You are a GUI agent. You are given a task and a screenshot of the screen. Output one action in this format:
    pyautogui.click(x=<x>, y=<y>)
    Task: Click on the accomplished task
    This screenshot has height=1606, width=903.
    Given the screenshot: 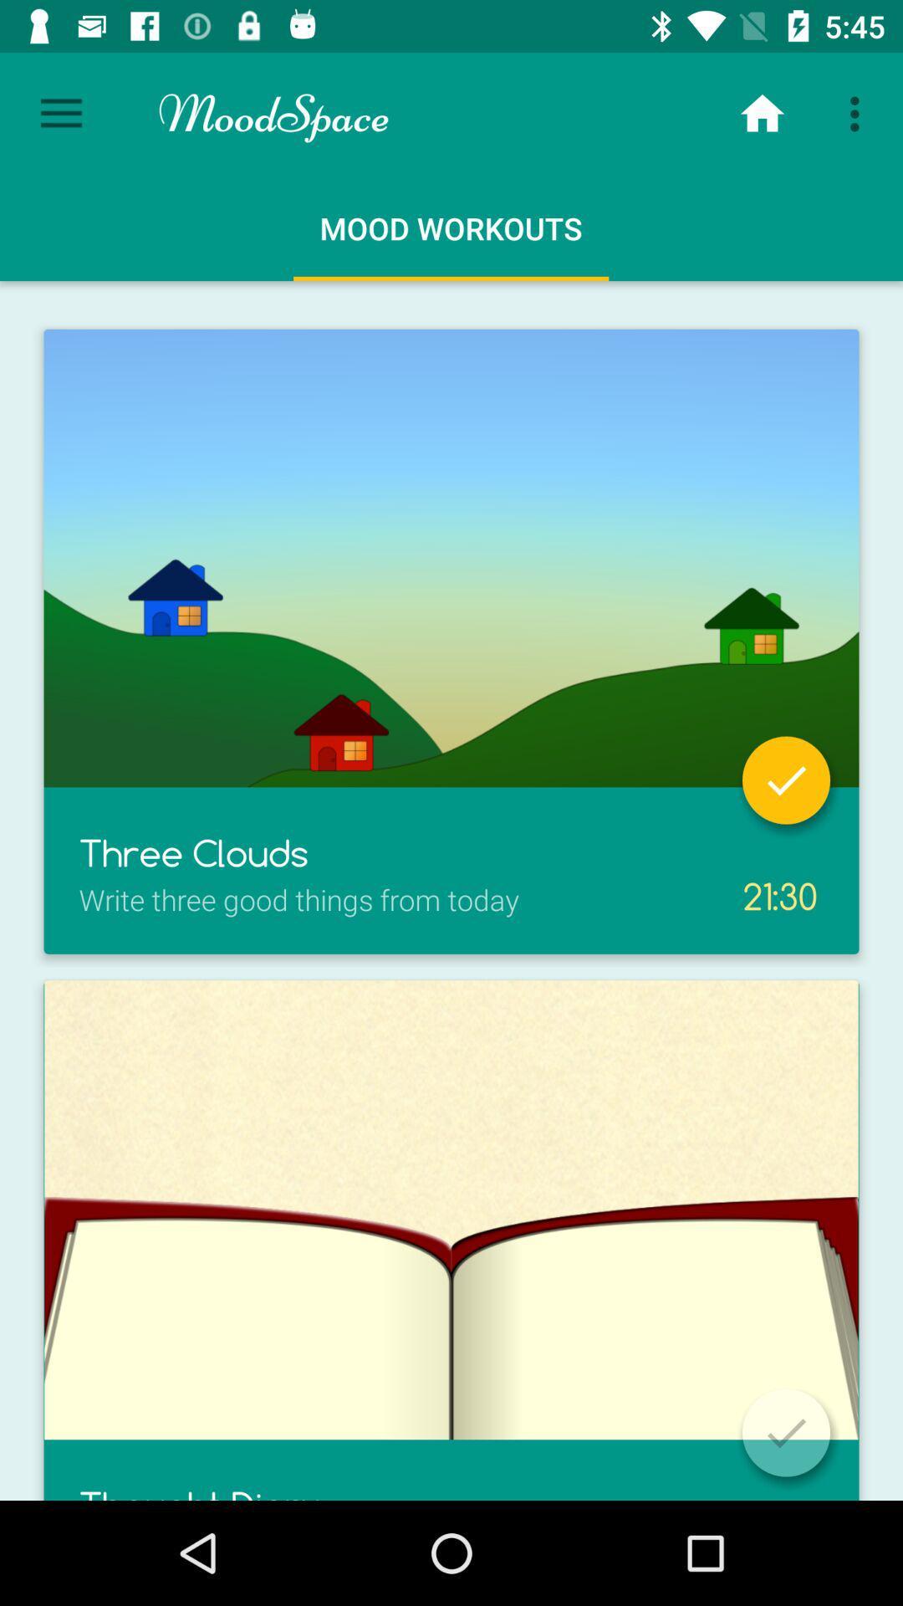 What is the action you would take?
    pyautogui.click(x=786, y=779)
    